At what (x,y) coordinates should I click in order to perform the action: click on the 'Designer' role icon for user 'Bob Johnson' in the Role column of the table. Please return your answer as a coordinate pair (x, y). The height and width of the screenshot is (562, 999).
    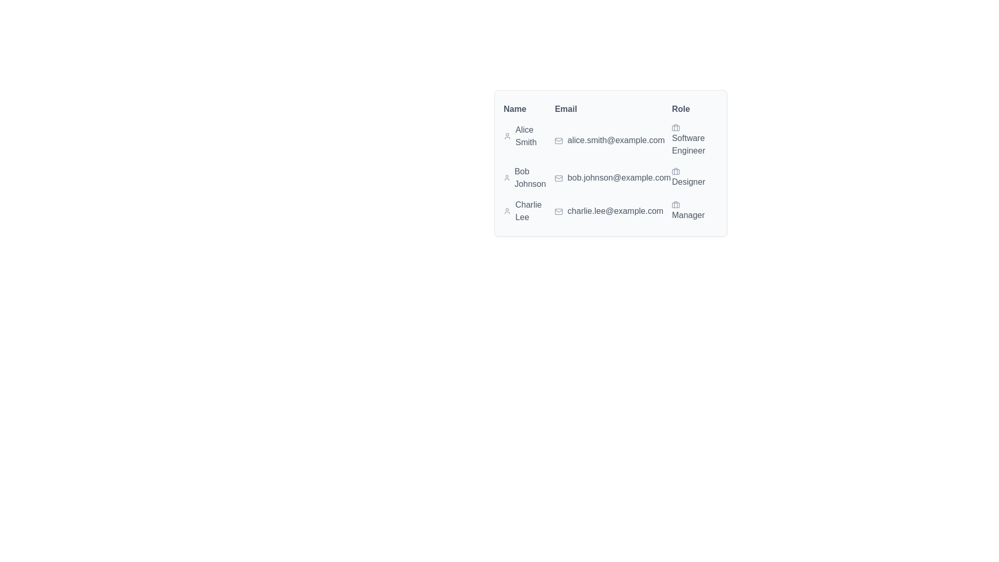
    Looking at the image, I should click on (676, 171).